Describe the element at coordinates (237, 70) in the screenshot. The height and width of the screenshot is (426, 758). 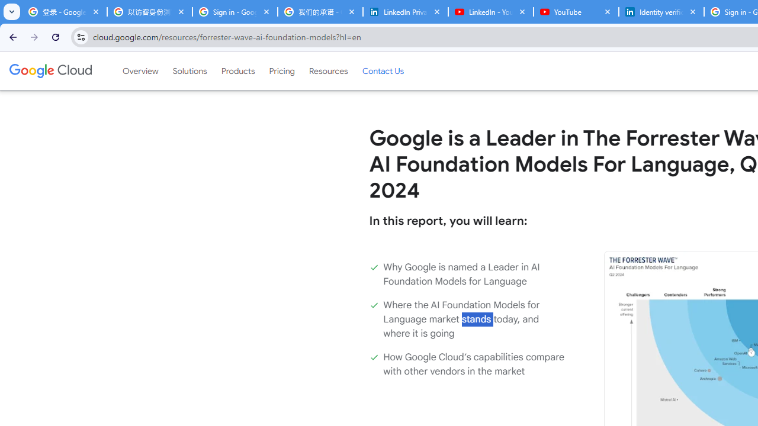
I see `'Products'` at that location.